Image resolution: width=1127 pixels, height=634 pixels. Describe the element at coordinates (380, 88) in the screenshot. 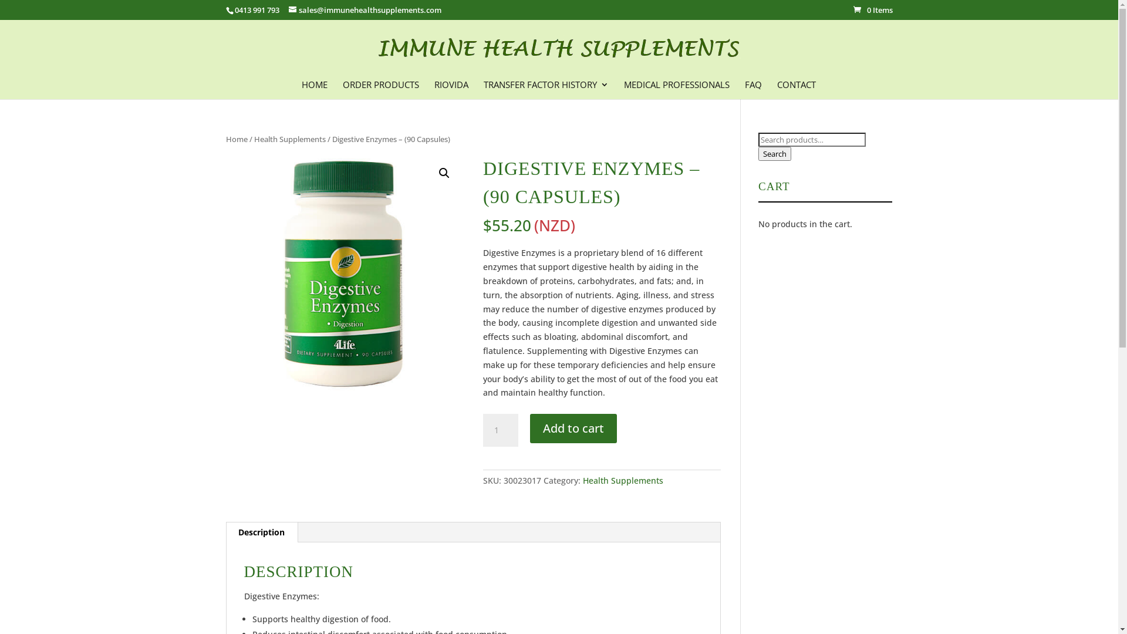

I see `'ORDER PRODUCTS'` at that location.